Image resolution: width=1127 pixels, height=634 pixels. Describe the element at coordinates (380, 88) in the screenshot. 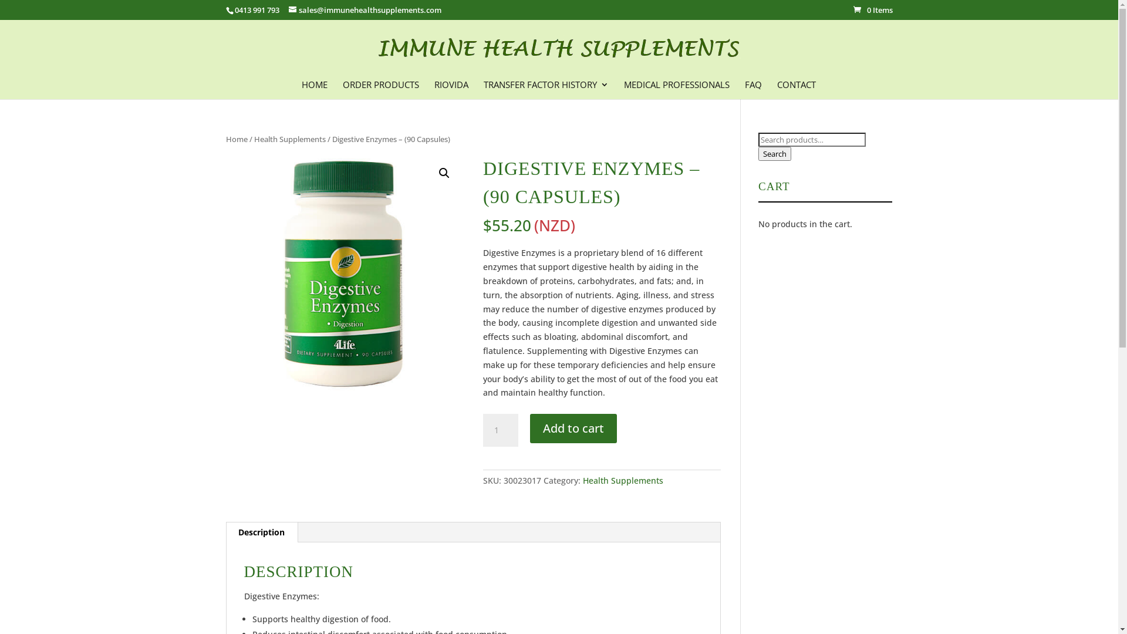

I see `'ORDER PRODUCTS'` at that location.